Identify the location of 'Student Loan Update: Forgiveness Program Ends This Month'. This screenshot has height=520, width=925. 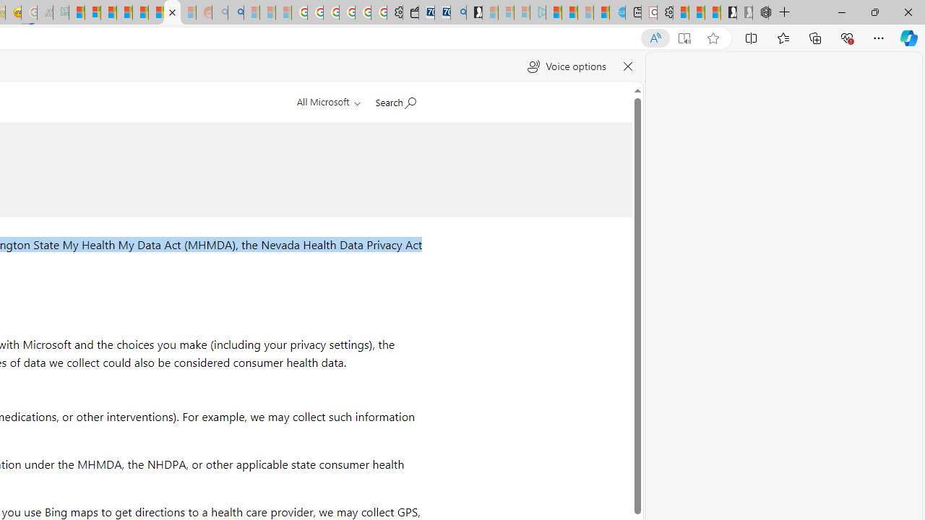
(124, 12).